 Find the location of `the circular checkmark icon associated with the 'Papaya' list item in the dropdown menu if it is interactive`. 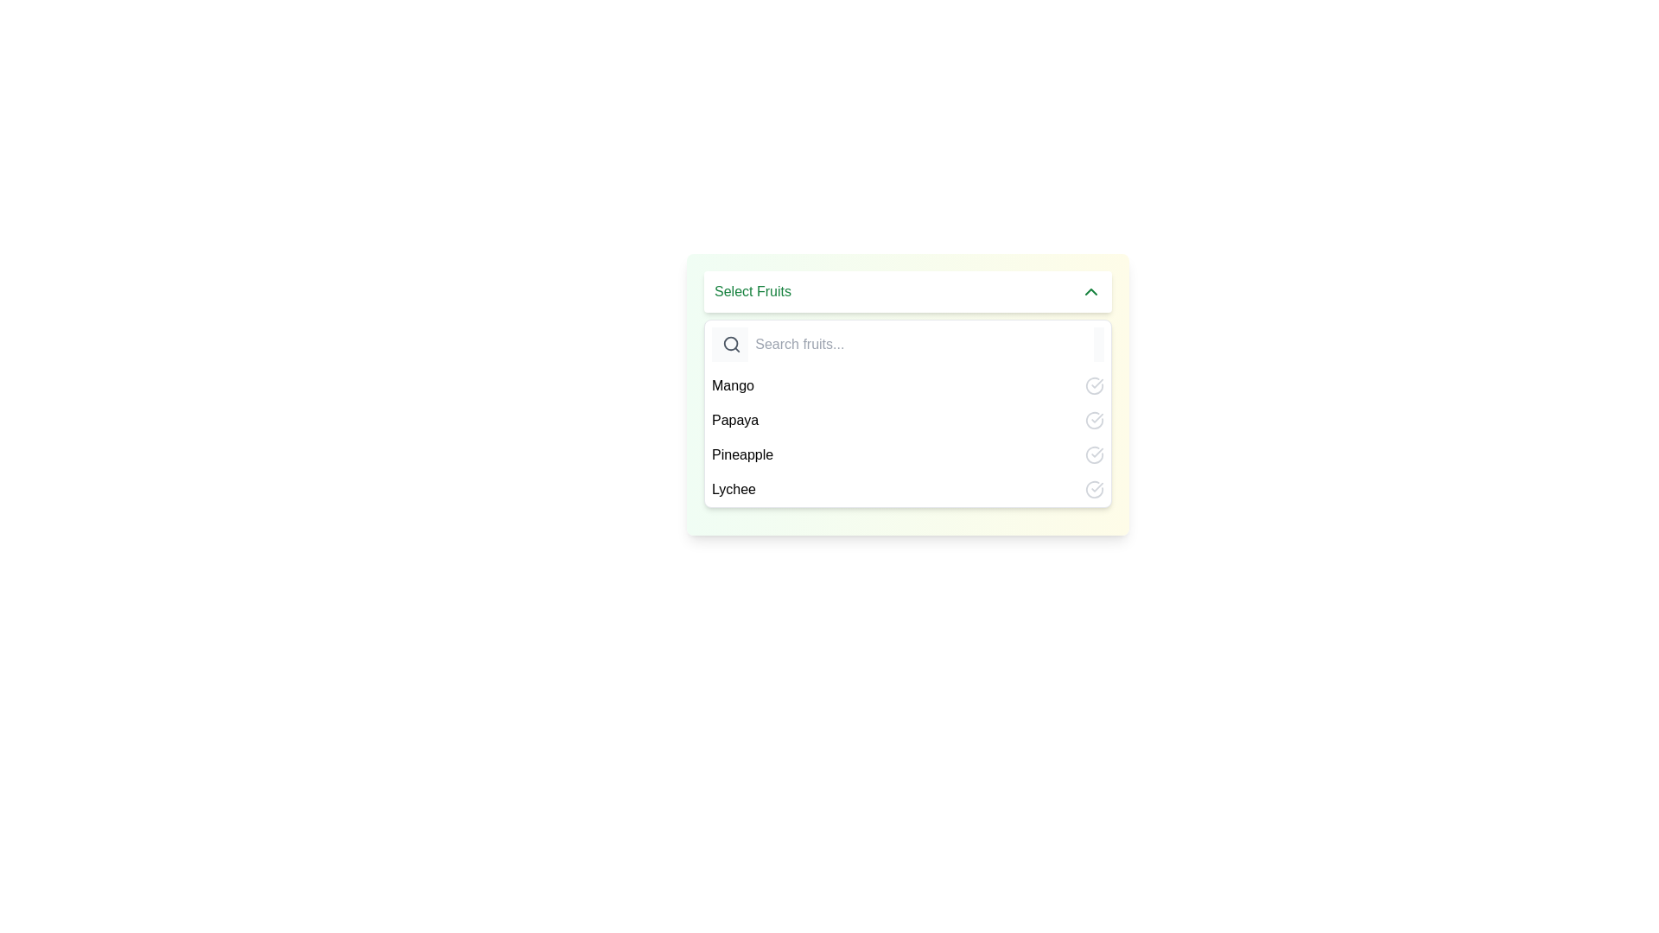

the circular checkmark icon associated with the 'Papaya' list item in the dropdown menu if it is interactive is located at coordinates (1094, 420).